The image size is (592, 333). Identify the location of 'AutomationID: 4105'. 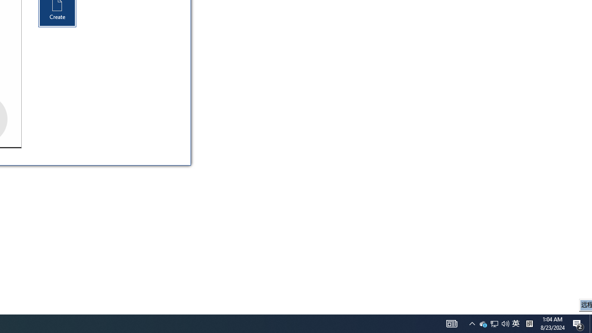
(452, 323).